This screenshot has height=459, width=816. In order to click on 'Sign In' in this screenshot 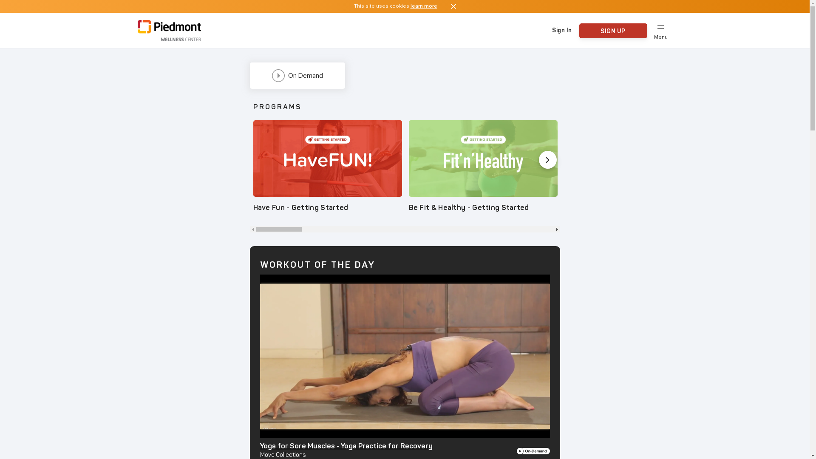, I will do `click(562, 30)`.